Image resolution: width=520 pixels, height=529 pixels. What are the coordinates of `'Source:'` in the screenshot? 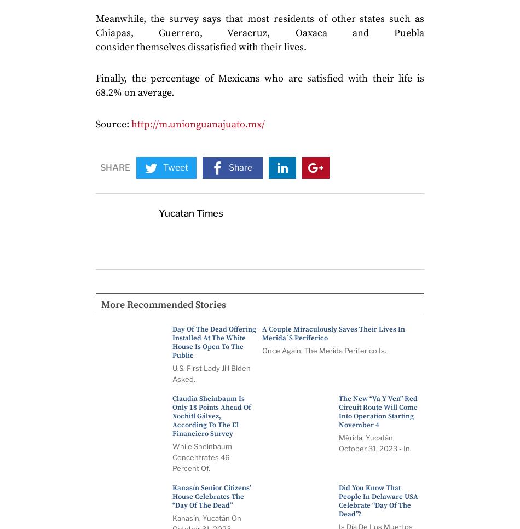 It's located at (95, 124).